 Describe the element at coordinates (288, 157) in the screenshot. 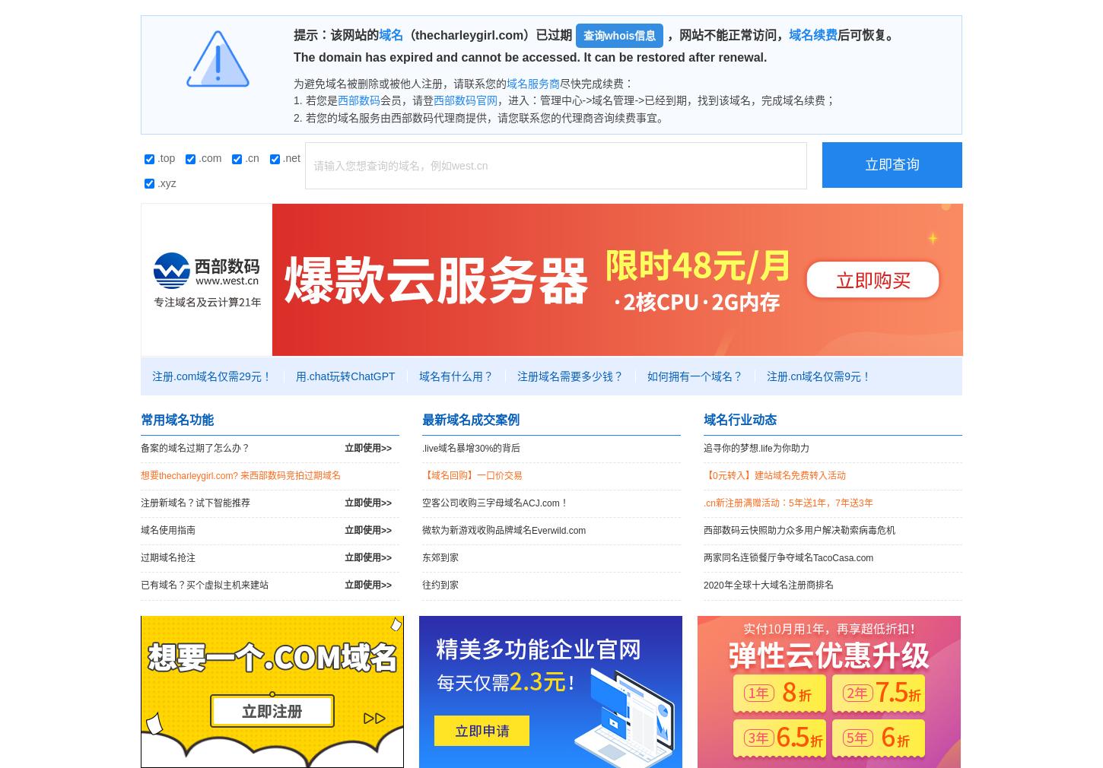

I see `'.net'` at that location.